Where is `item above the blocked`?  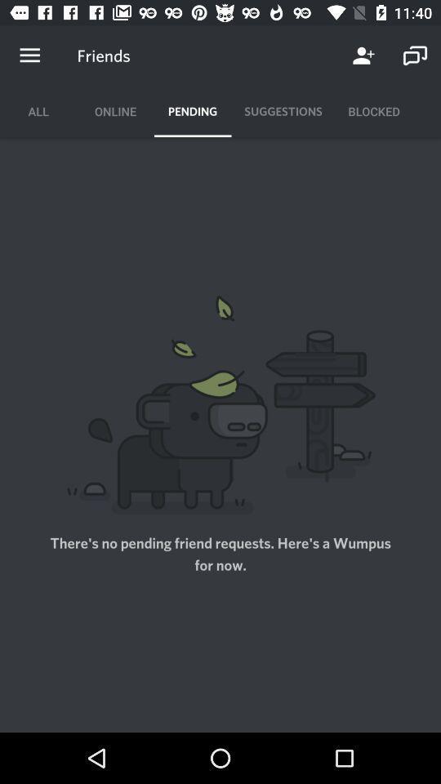
item above the blocked is located at coordinates (363, 56).